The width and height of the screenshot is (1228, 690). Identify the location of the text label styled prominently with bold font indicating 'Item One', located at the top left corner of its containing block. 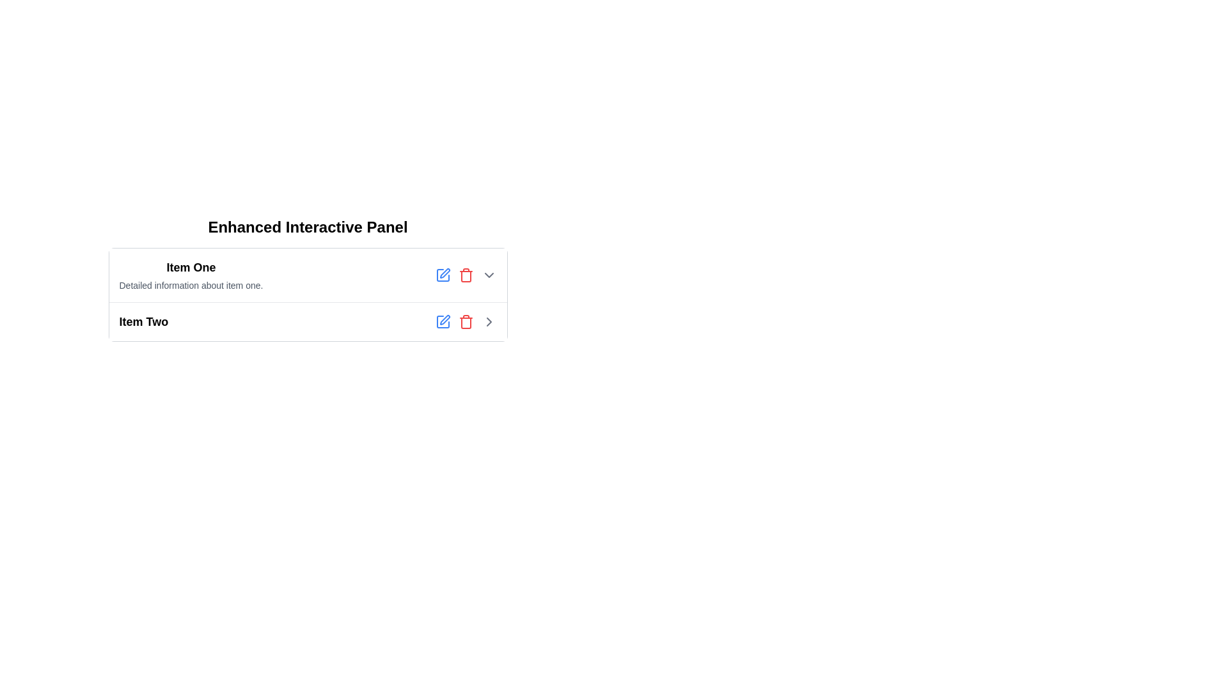
(190, 267).